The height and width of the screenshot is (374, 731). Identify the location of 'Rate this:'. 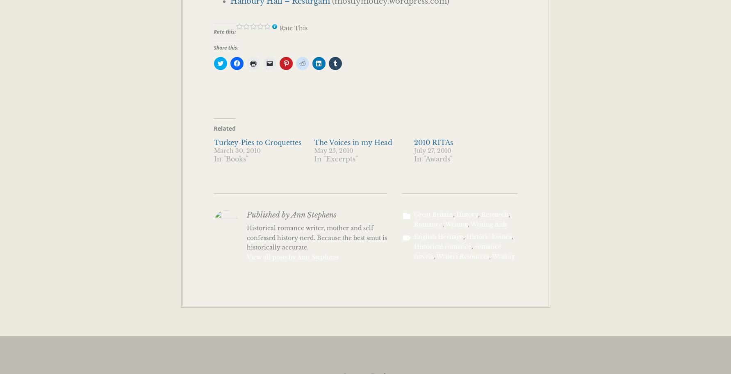
(224, 31).